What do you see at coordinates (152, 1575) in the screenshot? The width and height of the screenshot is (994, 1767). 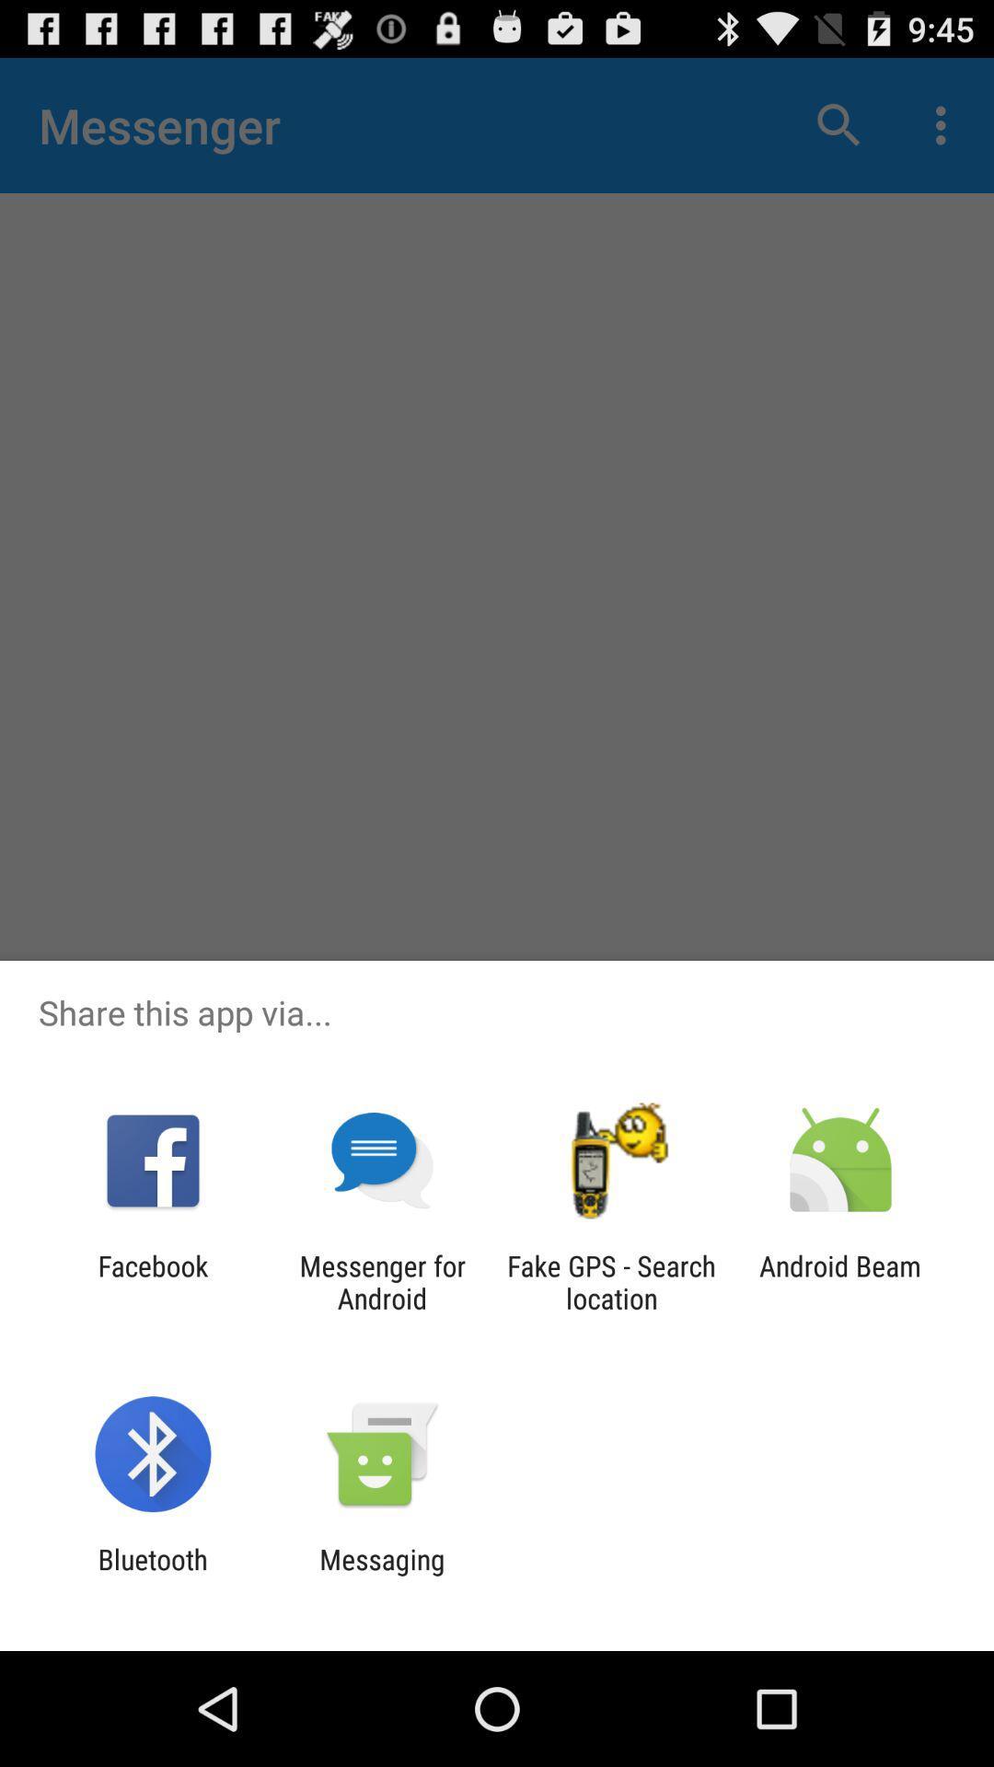 I see `app next to messaging` at bounding box center [152, 1575].